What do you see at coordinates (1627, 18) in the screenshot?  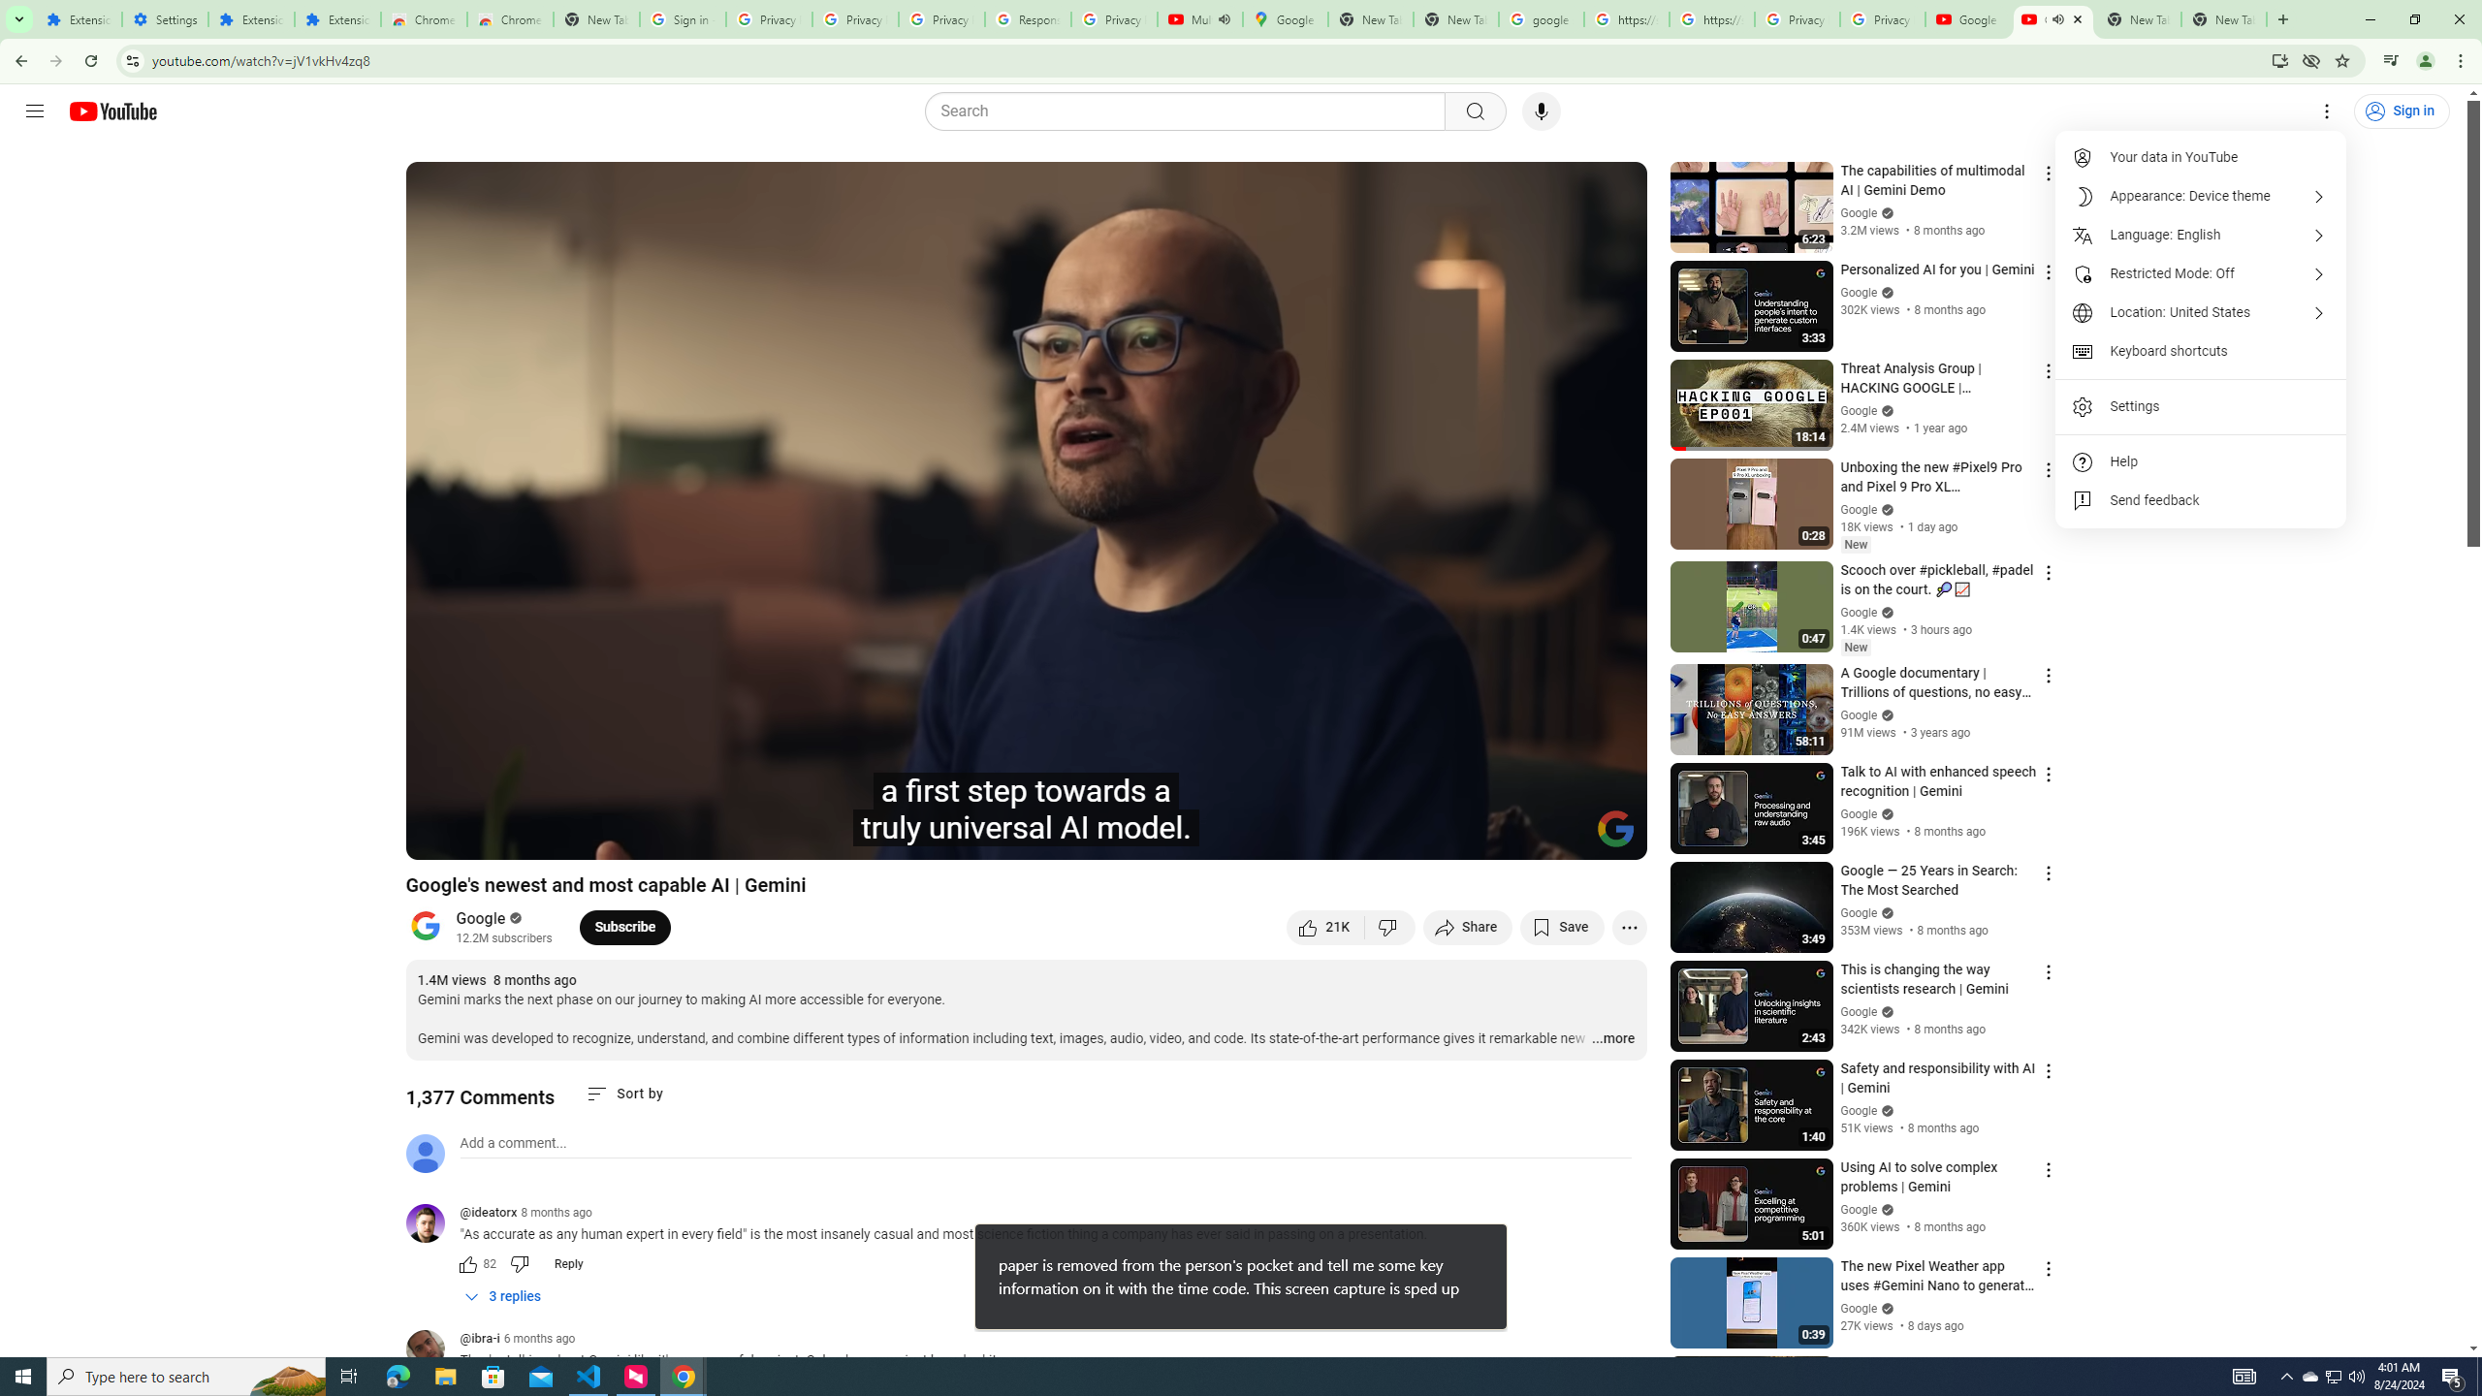 I see `'https://scholar.google.com/'` at bounding box center [1627, 18].